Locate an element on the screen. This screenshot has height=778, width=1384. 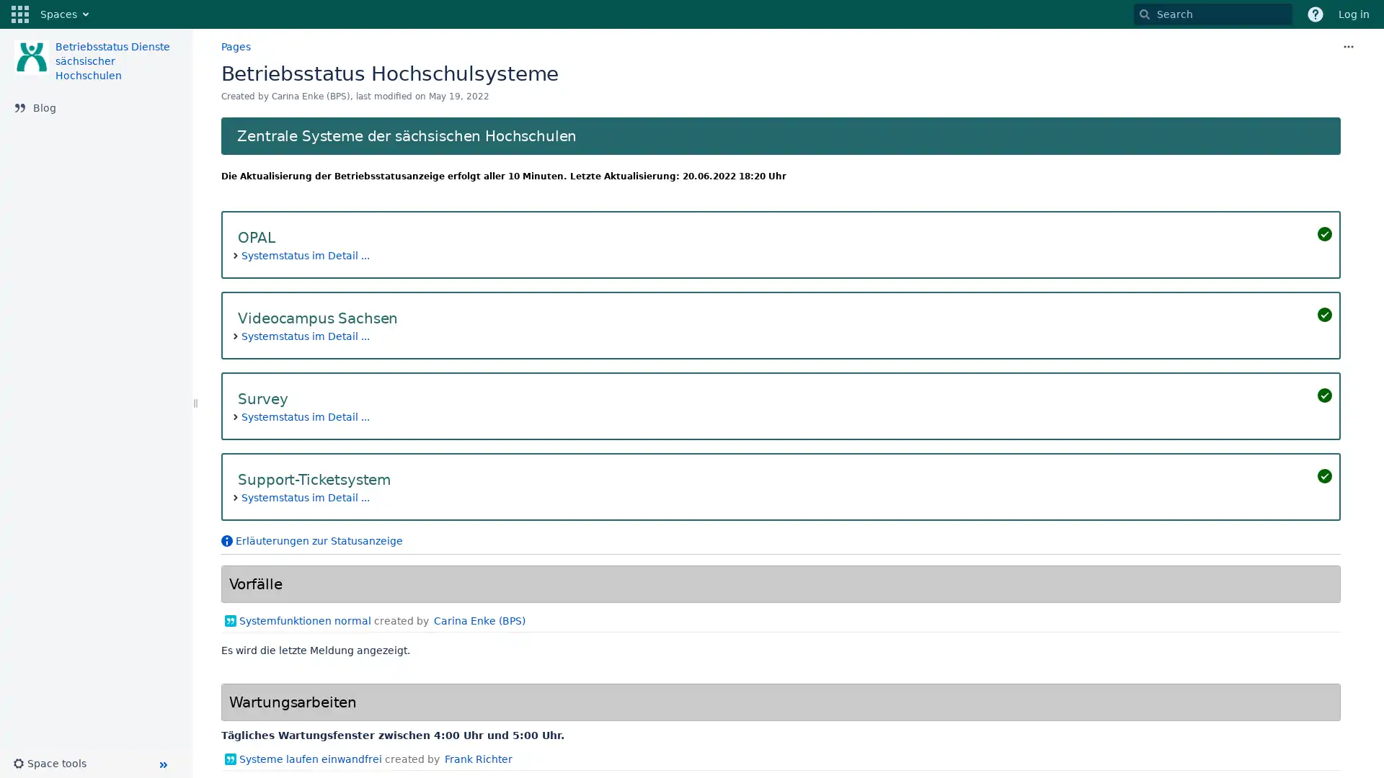
Collapse sidebar ( [ ) is located at coordinates (162, 764).